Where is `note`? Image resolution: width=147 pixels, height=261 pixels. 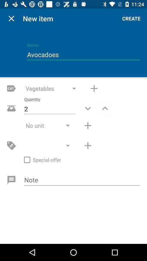 note is located at coordinates (82, 180).